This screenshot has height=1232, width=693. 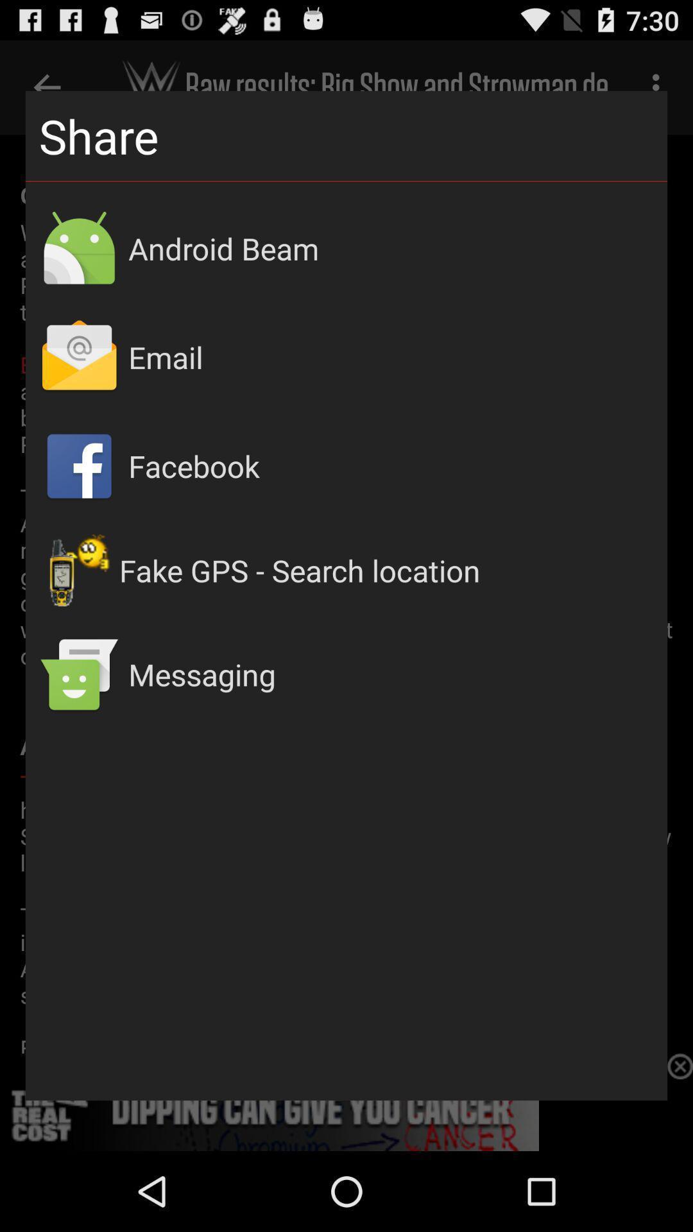 What do you see at coordinates (390, 357) in the screenshot?
I see `email icon` at bounding box center [390, 357].